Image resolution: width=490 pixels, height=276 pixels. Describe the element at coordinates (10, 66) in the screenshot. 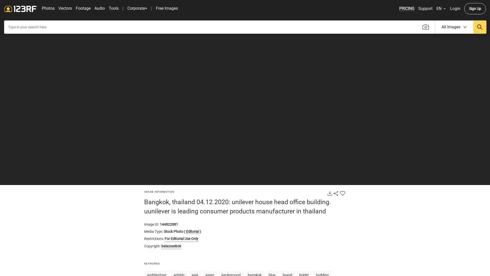

I see `Text` at that location.